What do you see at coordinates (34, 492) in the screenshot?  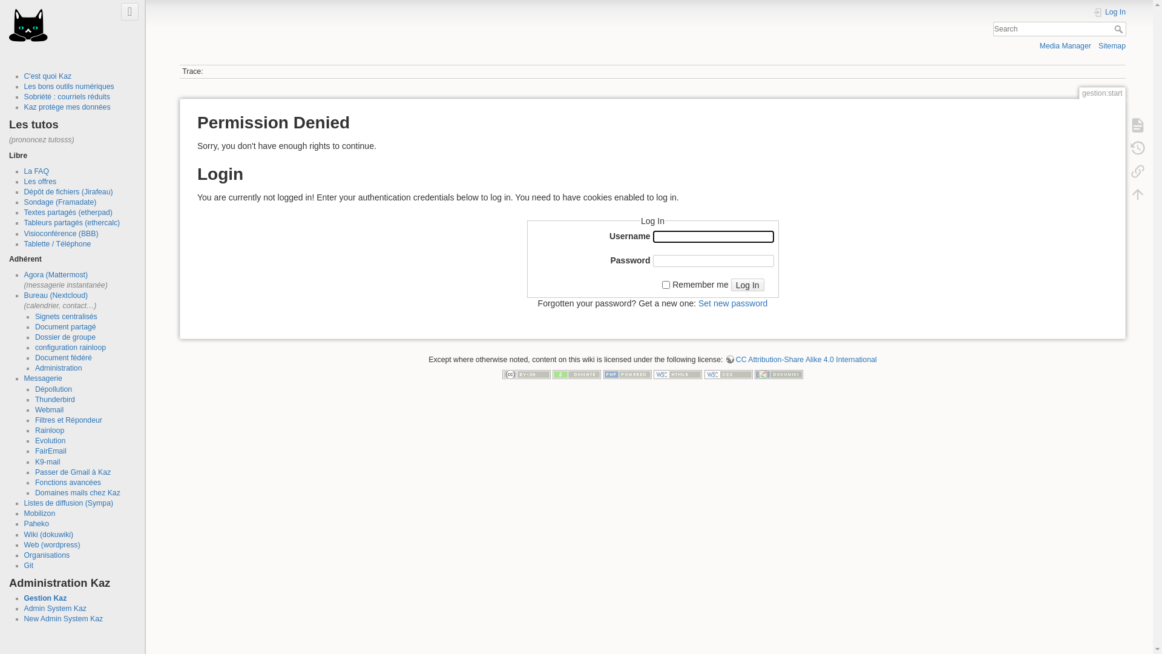 I see `'Domaines mails chez Kaz'` at bounding box center [34, 492].